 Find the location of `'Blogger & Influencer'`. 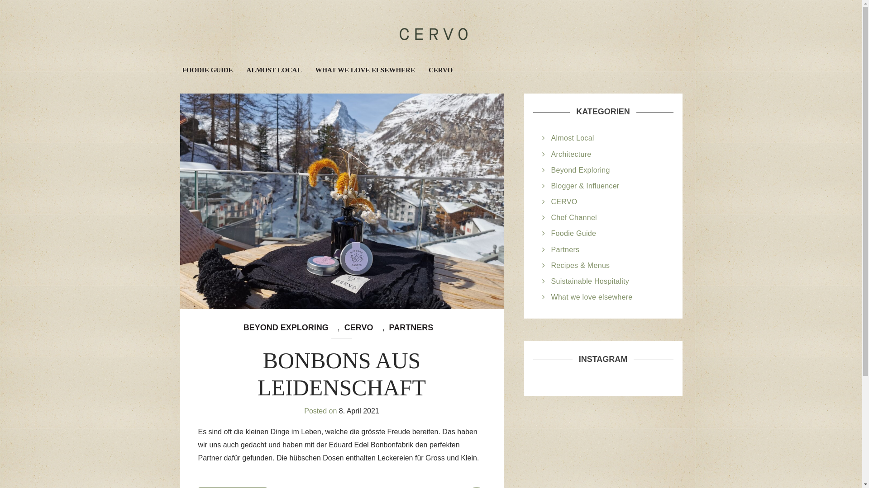

'Blogger & Influencer' is located at coordinates (585, 185).